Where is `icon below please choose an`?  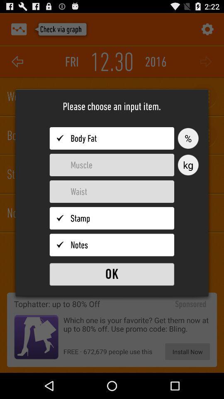
icon below please choose an is located at coordinates (188, 138).